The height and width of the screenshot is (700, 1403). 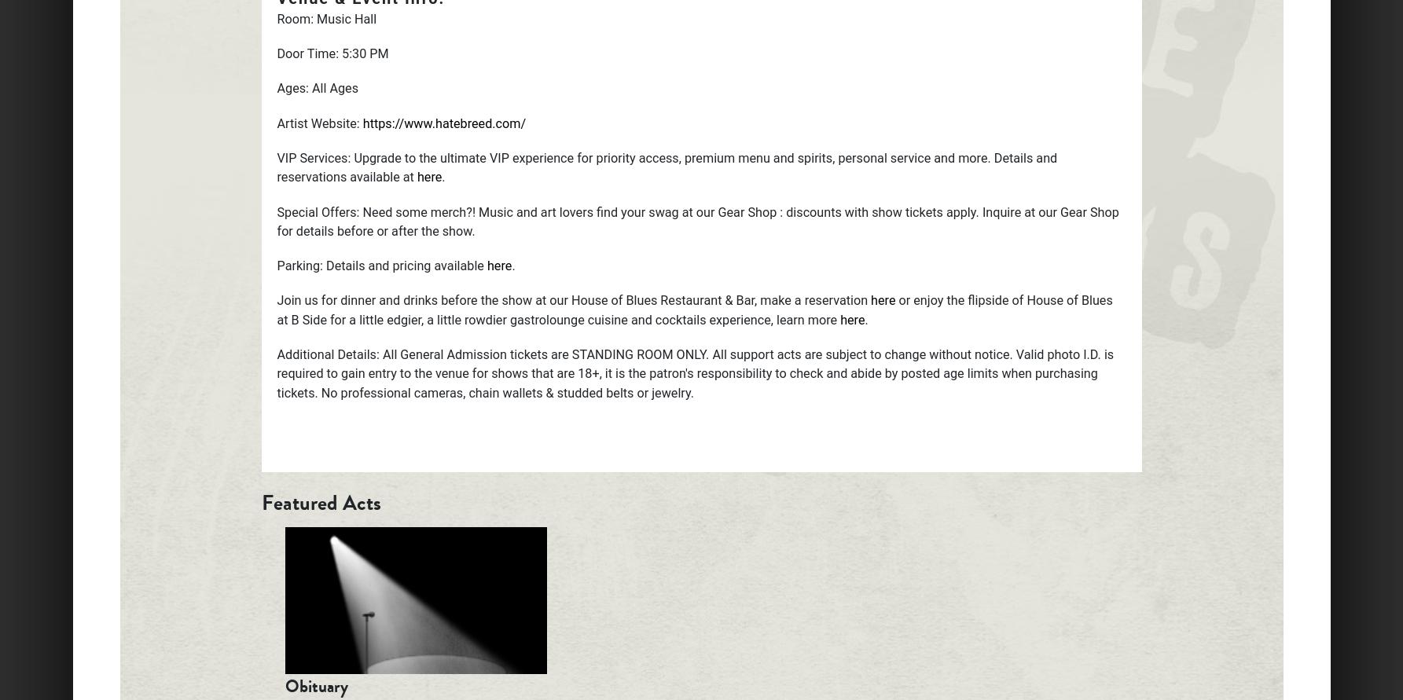 What do you see at coordinates (697, 220) in the screenshot?
I see `'Special Offers: Need some merch?! Music and art lovers find your swag at our Gear Shop : discounts with show tickets apply. Inquire at our Gear Shop for details before or after the show.'` at bounding box center [697, 220].